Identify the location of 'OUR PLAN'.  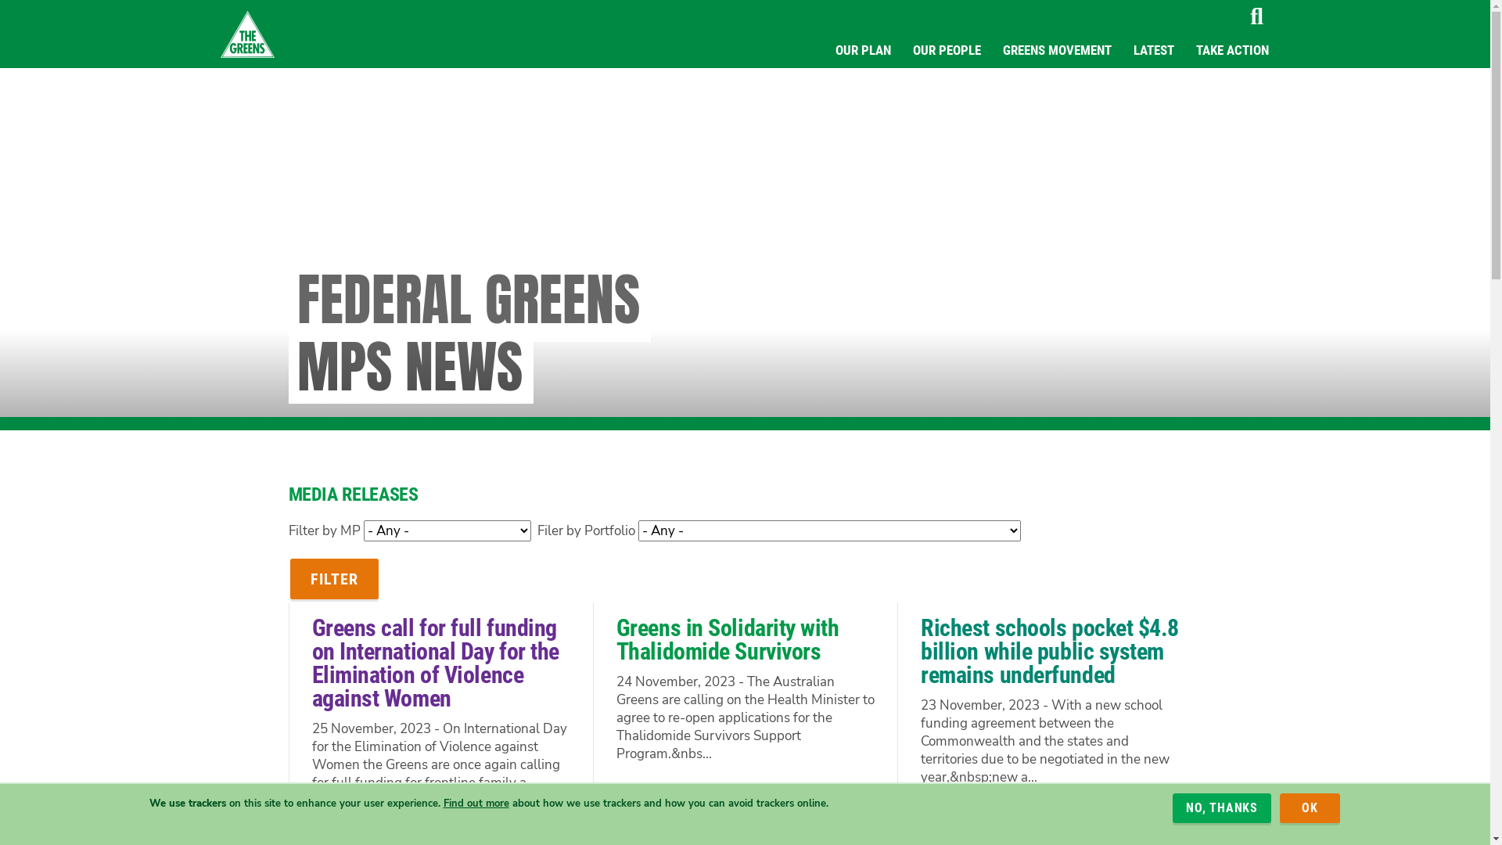
(862, 49).